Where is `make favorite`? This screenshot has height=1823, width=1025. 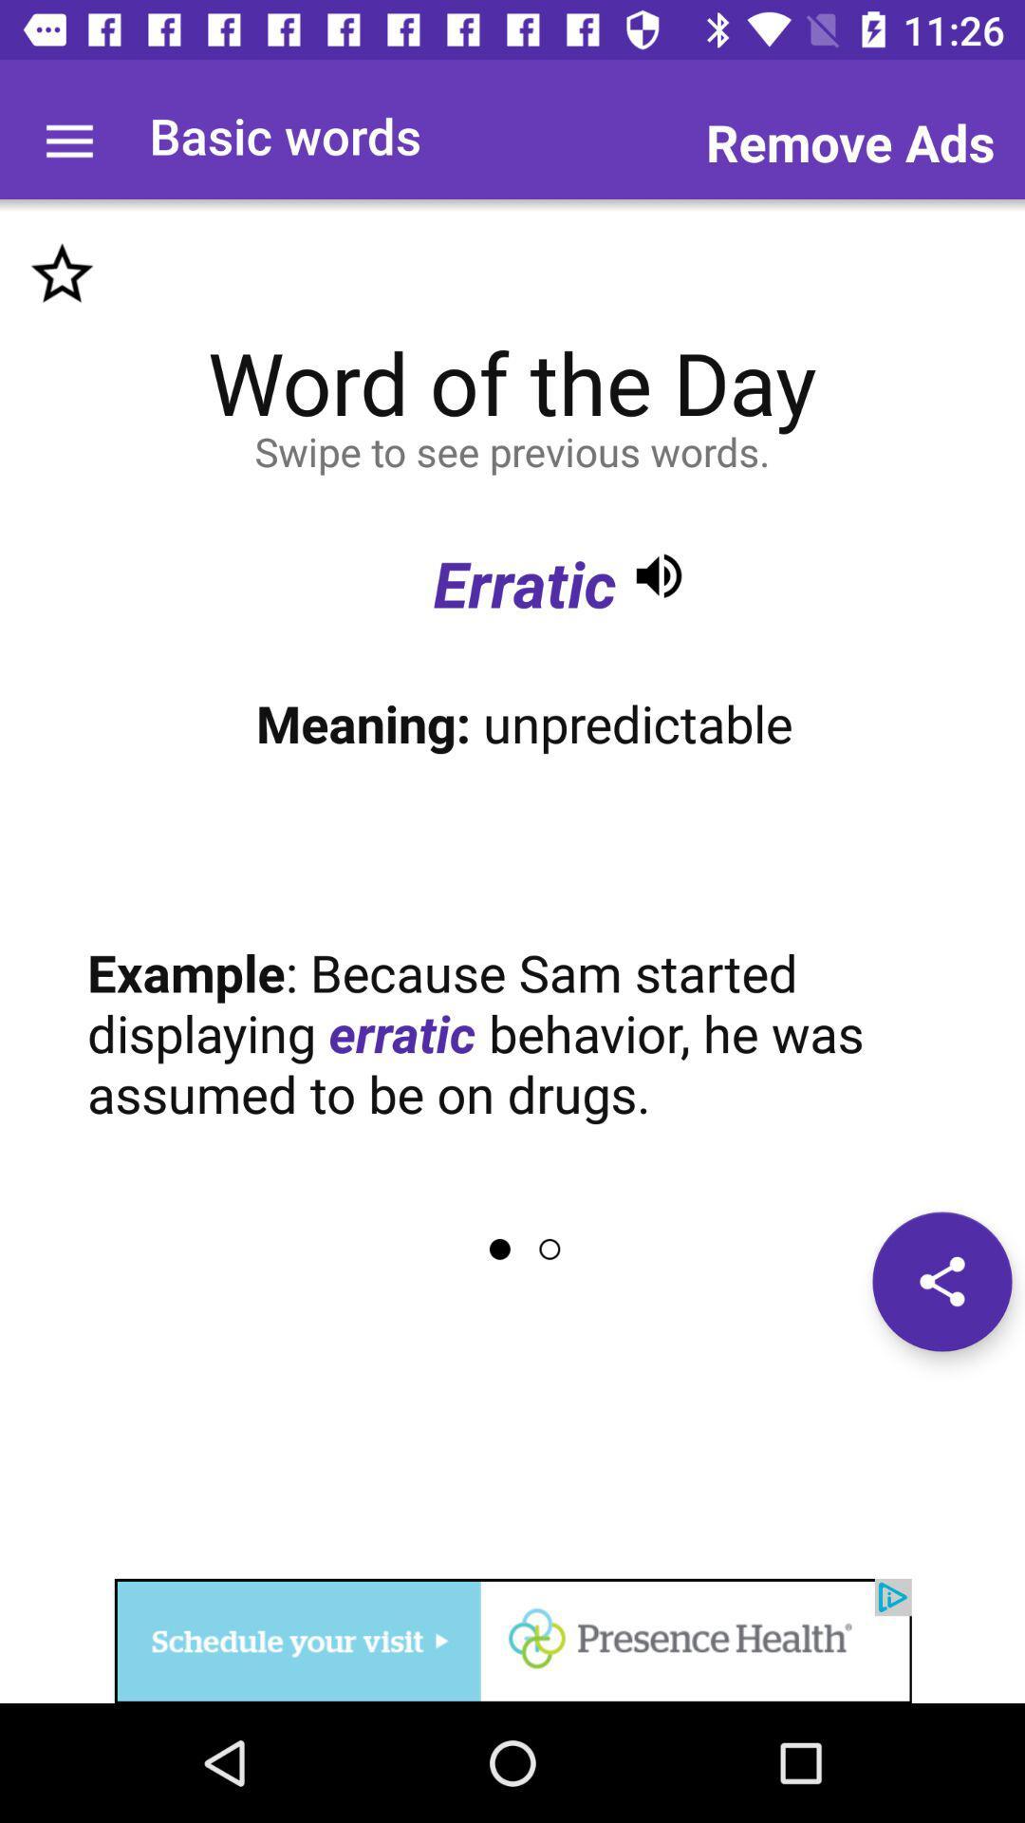 make favorite is located at coordinates (61, 273).